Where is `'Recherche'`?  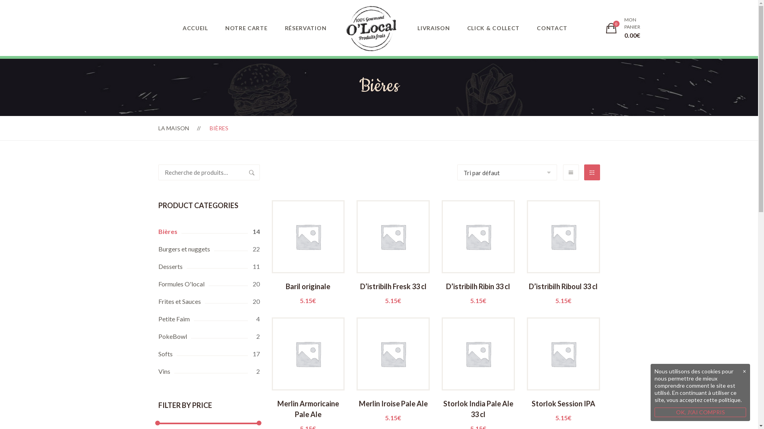 'Recherche' is located at coordinates (251, 172).